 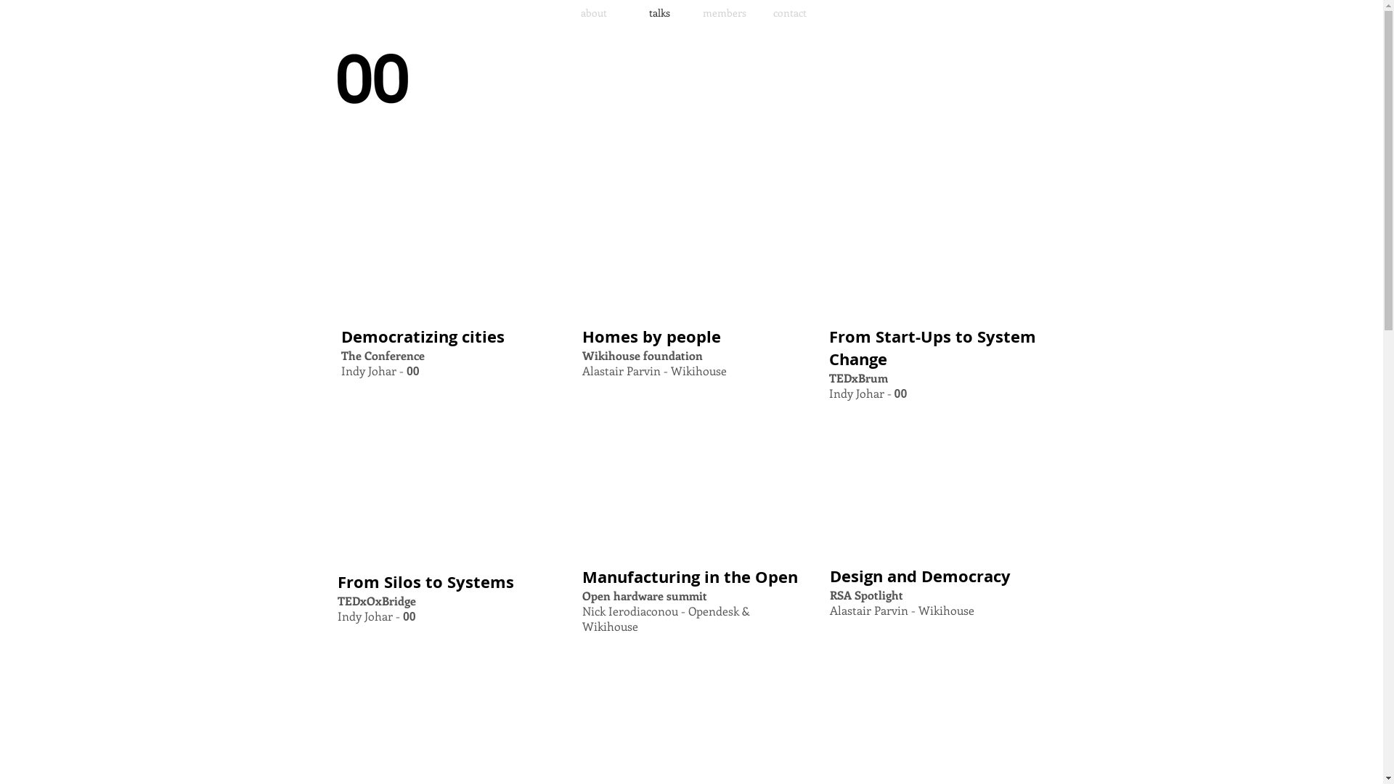 I want to click on 'about', so click(x=593, y=13).